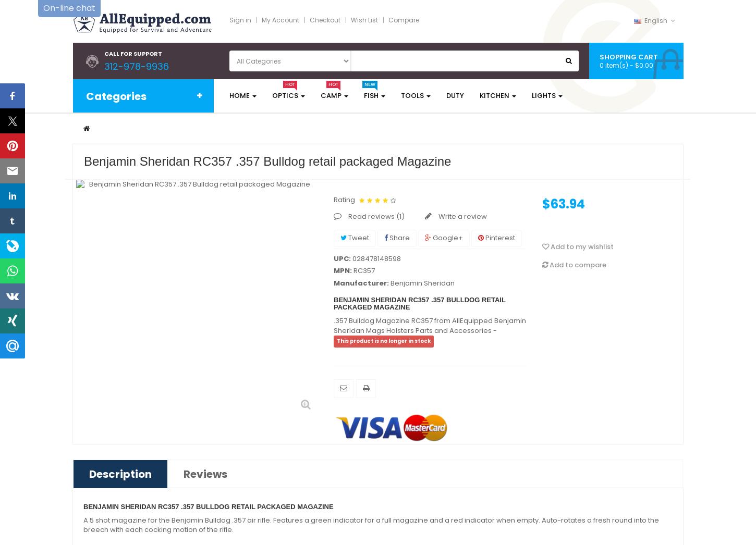 Image resolution: width=756 pixels, height=545 pixels. I want to click on 'Optics', so click(285, 95).